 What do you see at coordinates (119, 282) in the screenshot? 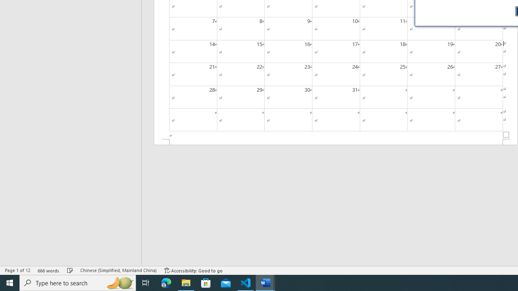
I see `'Search highlights icon opens search home window'` at bounding box center [119, 282].